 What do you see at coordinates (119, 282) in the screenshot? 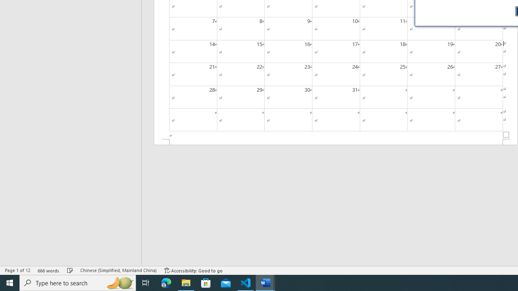
I see `'Search highlights icon opens search home window'` at bounding box center [119, 282].